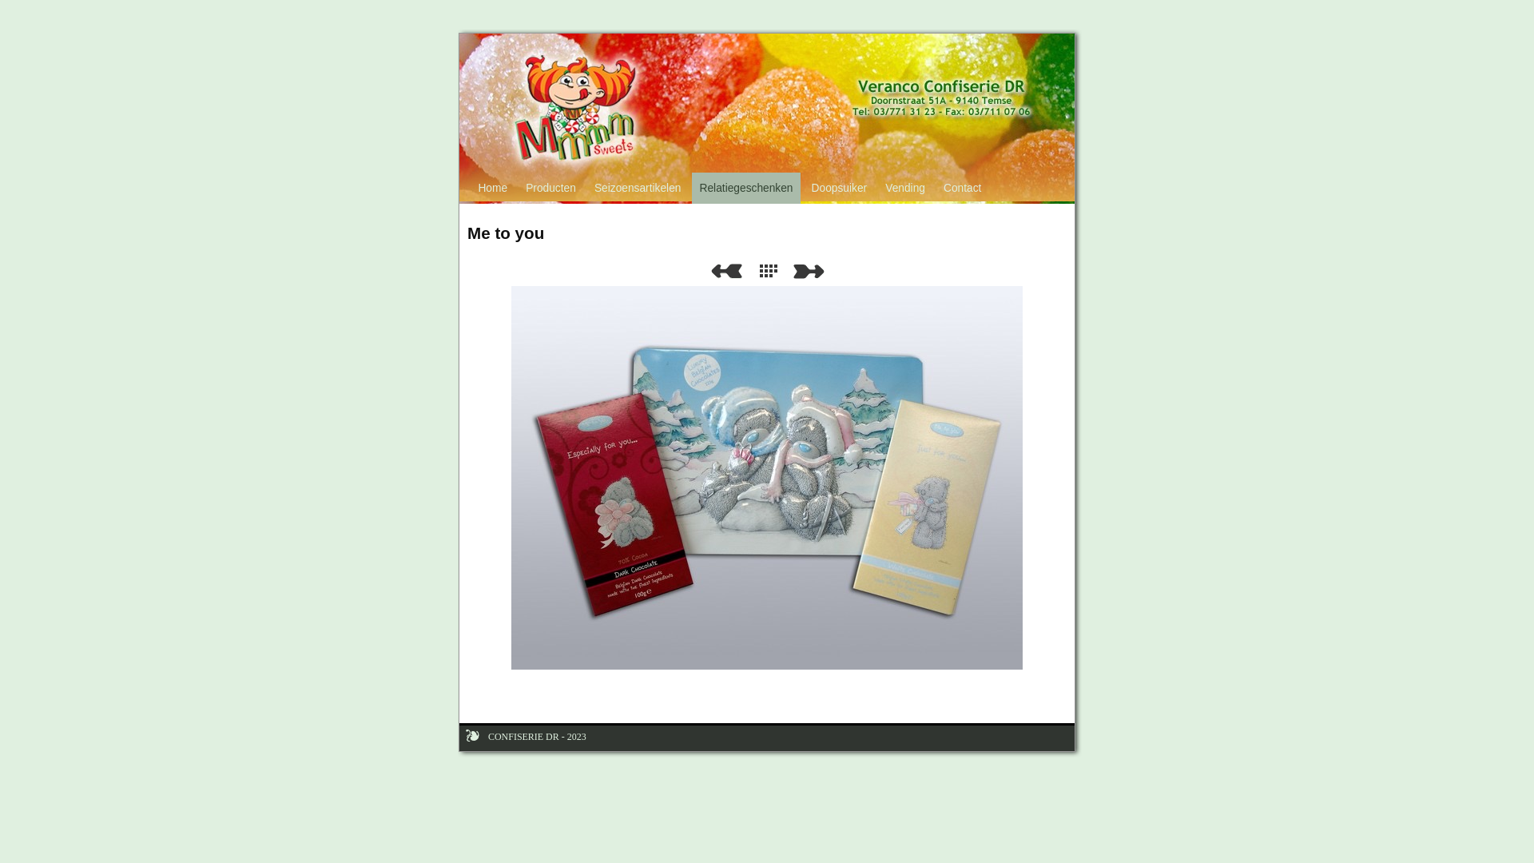  I want to click on 'Next', so click(793, 270).